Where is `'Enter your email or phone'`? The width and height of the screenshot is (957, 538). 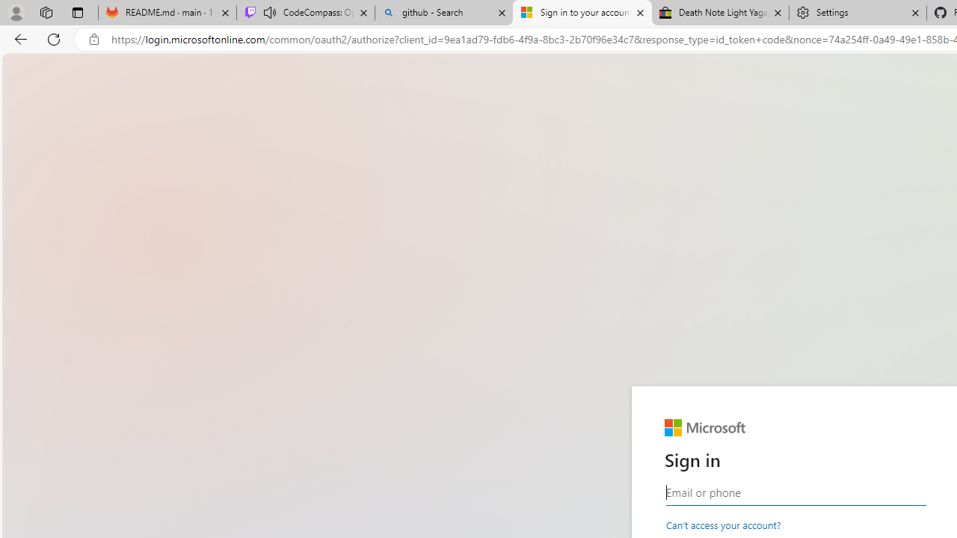 'Enter your email or phone' is located at coordinates (795, 492).